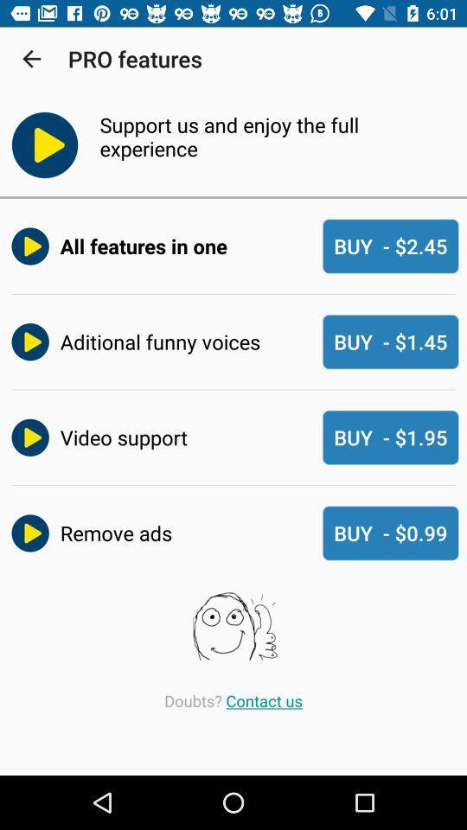 The image size is (467, 830). What do you see at coordinates (31, 59) in the screenshot?
I see `the app to the left of the pro features icon` at bounding box center [31, 59].